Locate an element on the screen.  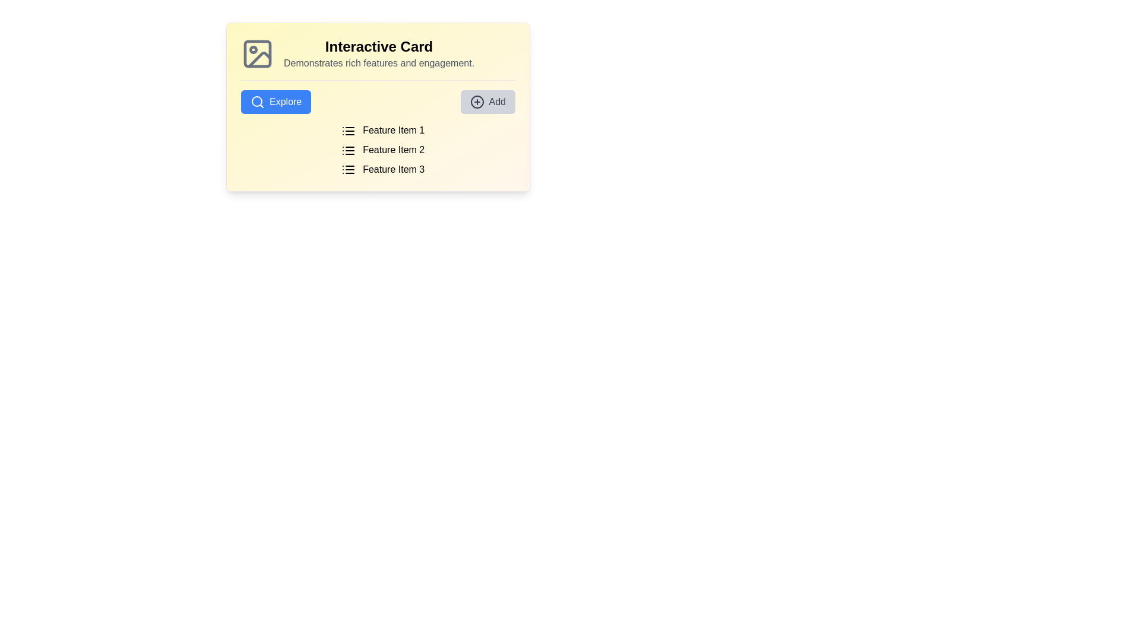
the blue 'Explore' button with white text and a magnifying glass icon is located at coordinates (275, 101).